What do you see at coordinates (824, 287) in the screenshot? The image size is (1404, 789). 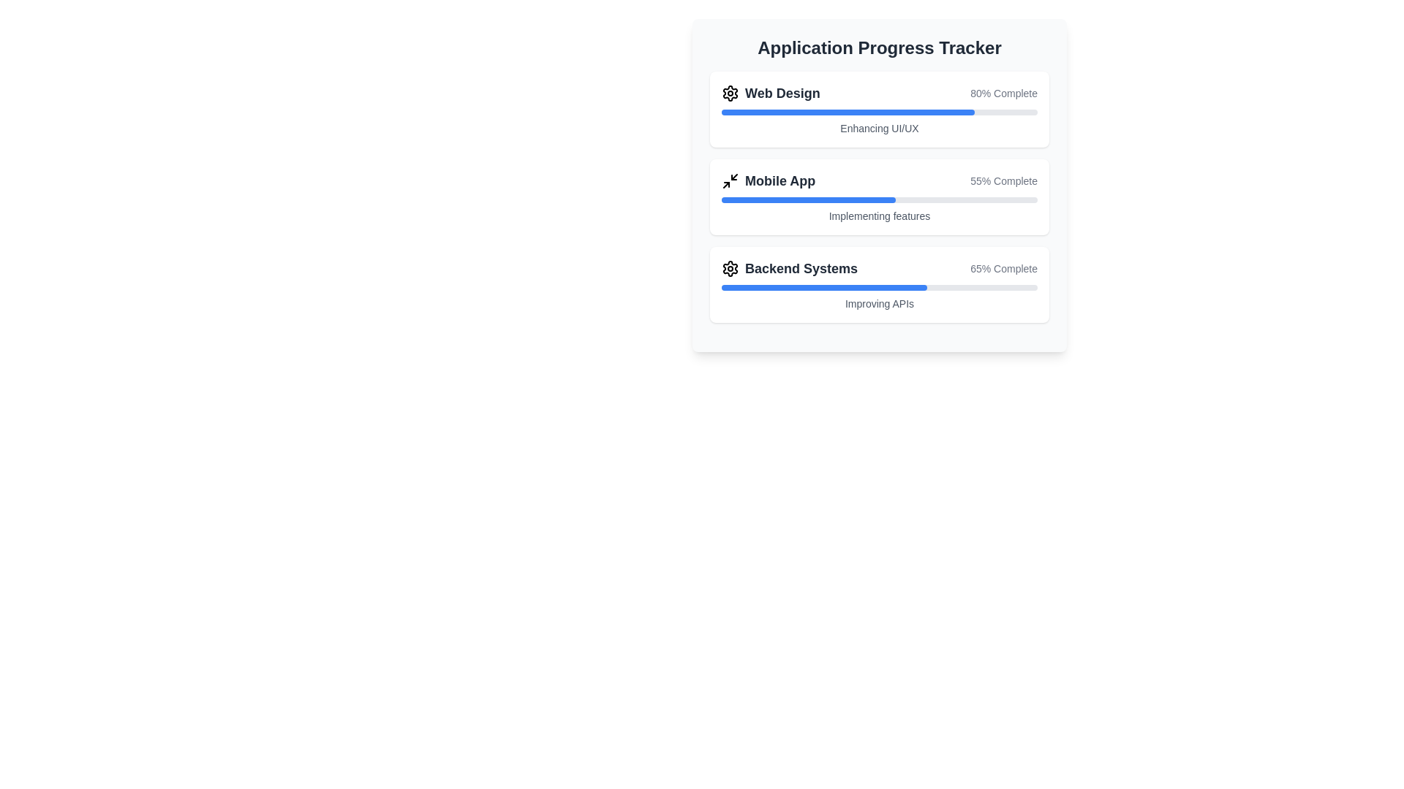 I see `the blue-colored Progress Bar Segment representing 65% completion within the 'Backend Systems' section of the progress bar` at bounding box center [824, 287].